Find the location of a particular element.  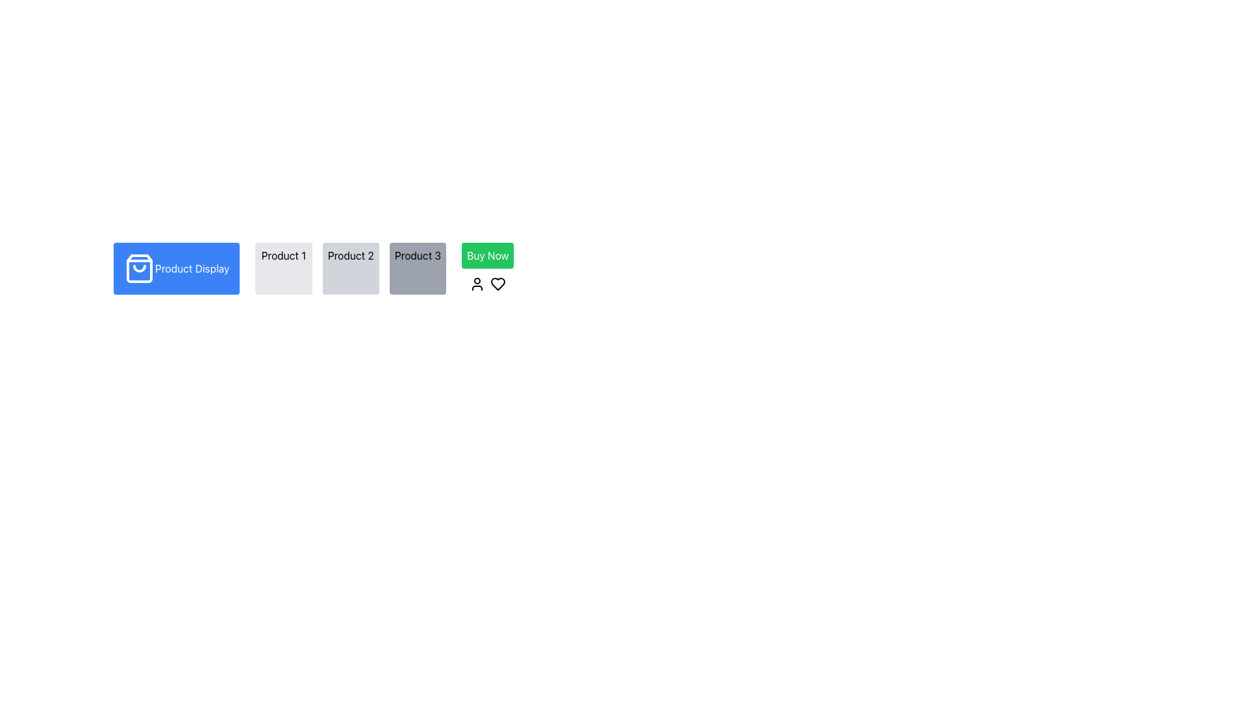

the user or heart icon in the Icon Set located directly below the 'Buy Now' green button is located at coordinates (487, 284).